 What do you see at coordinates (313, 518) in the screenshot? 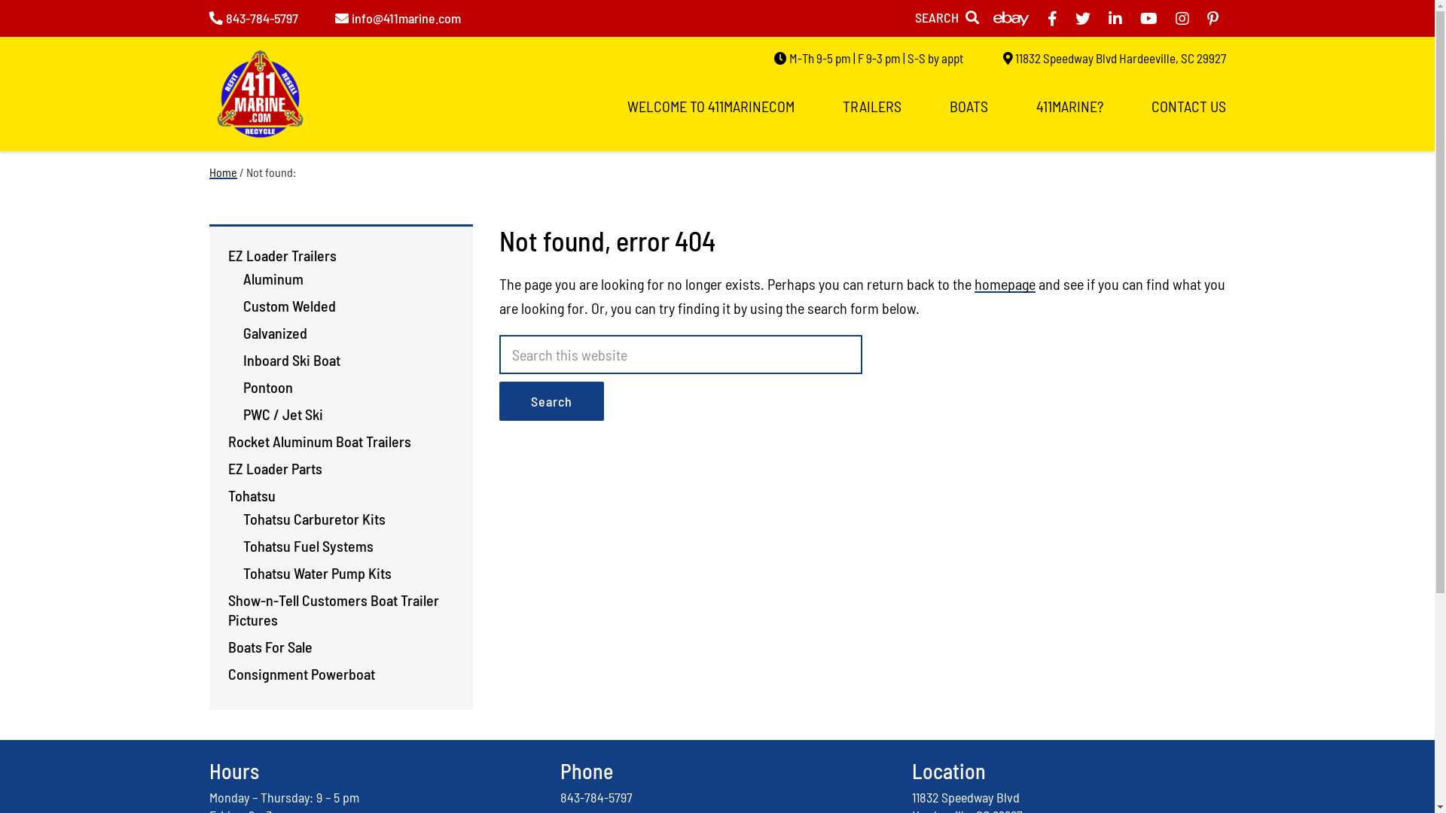
I see `'Tohatsu Carburetor Kits'` at bounding box center [313, 518].